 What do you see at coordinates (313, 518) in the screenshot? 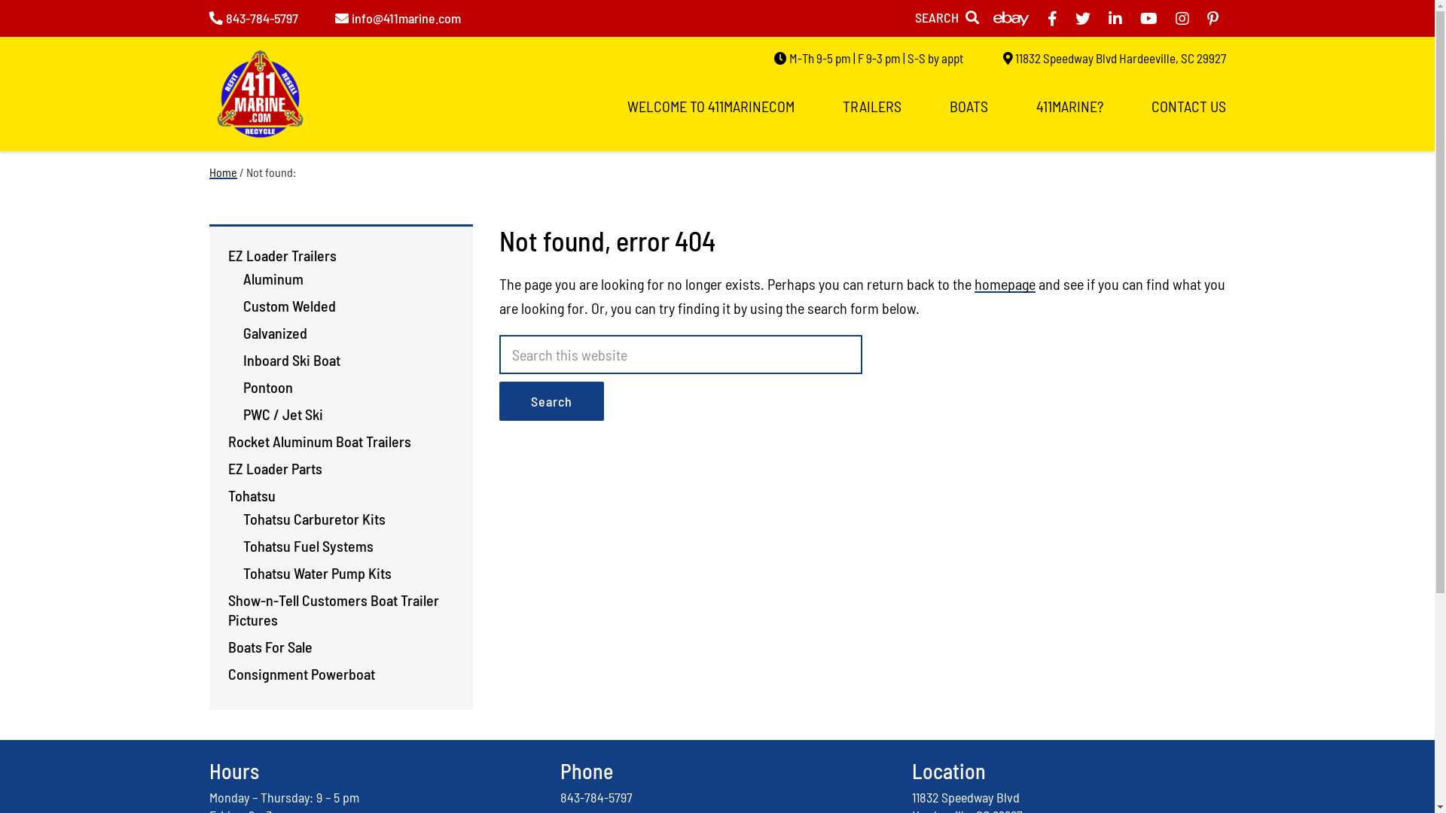
I see `'Tohatsu Carburetor Kits'` at bounding box center [313, 518].